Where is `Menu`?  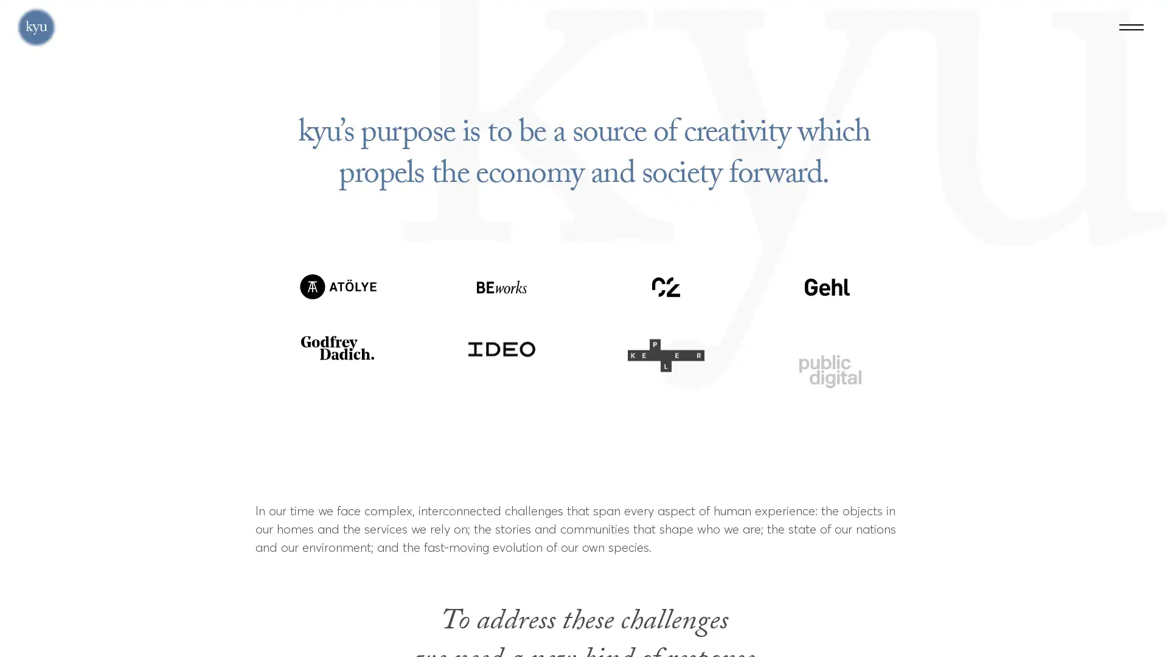 Menu is located at coordinates (1131, 27).